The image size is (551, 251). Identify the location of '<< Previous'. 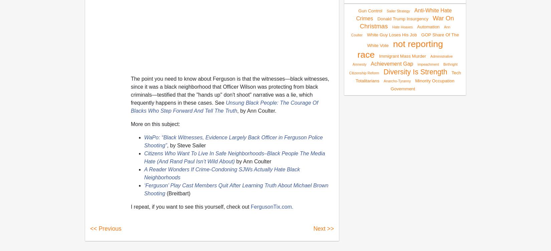
(90, 228).